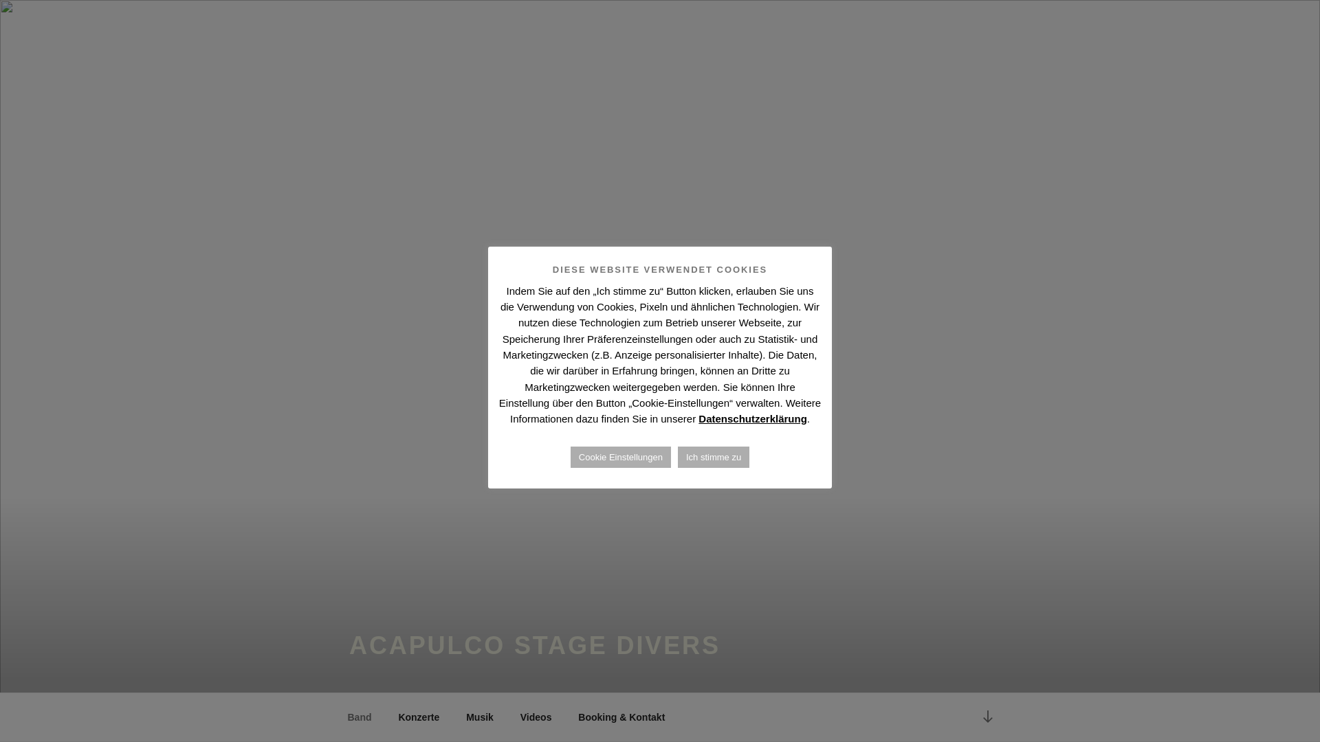 The image size is (1320, 742). Describe the element at coordinates (621, 717) in the screenshot. I see `'Booking & Kontakt'` at that location.